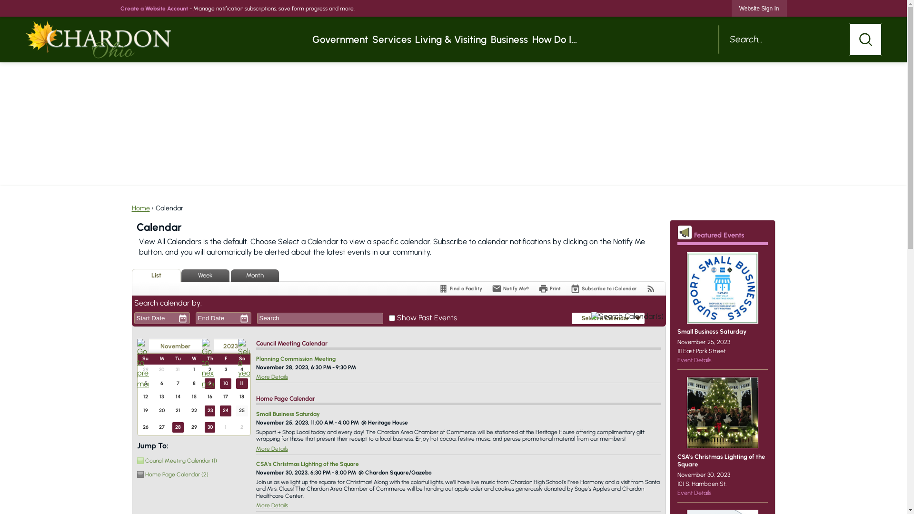  Describe the element at coordinates (230, 275) in the screenshot. I see `'Month'` at that location.